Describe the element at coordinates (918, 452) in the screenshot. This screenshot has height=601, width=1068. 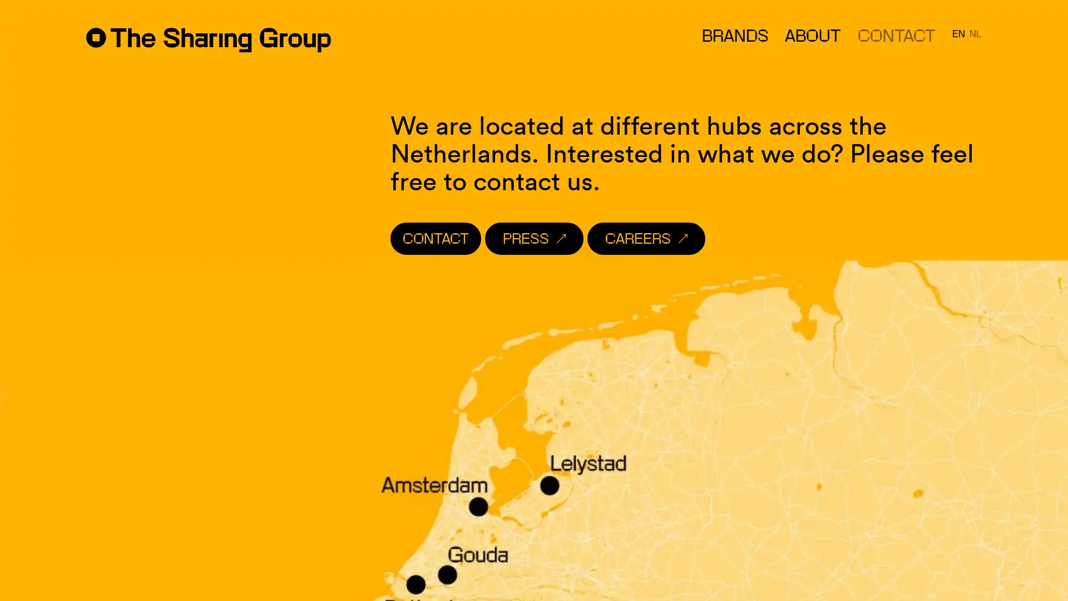
I see `Subscribe` at that location.